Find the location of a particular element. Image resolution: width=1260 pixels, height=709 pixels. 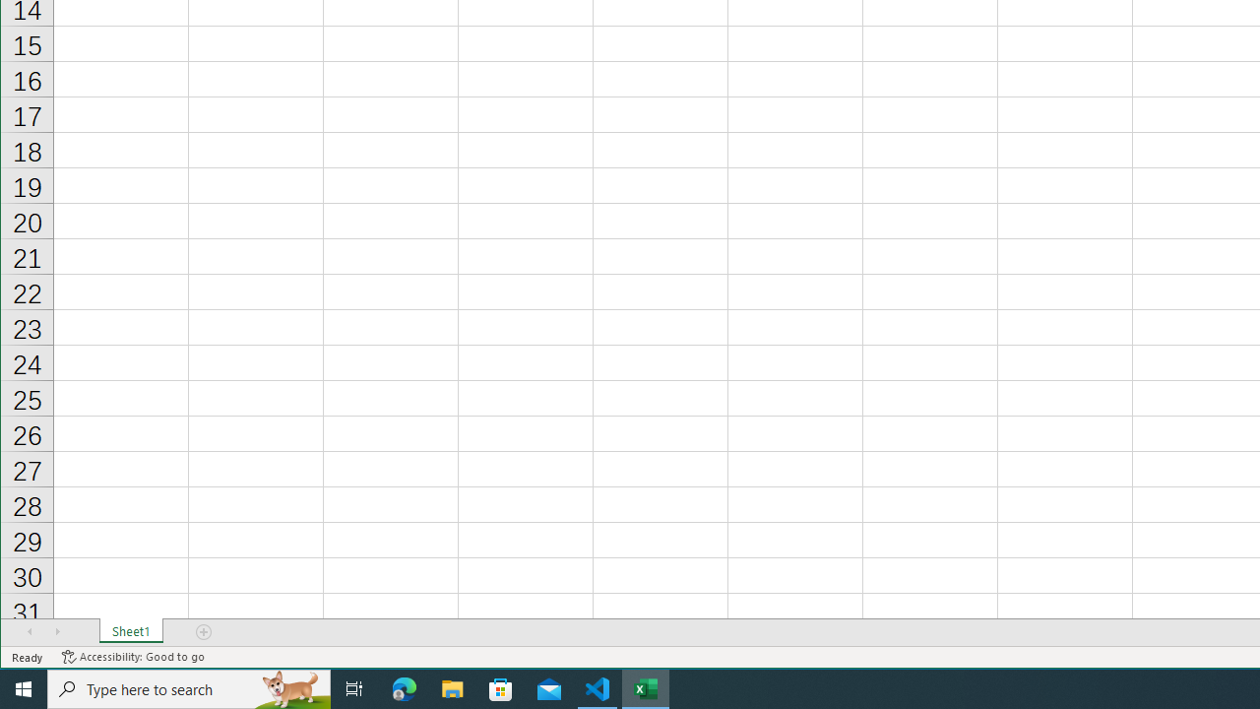

'Type here to search' is located at coordinates (189, 687).